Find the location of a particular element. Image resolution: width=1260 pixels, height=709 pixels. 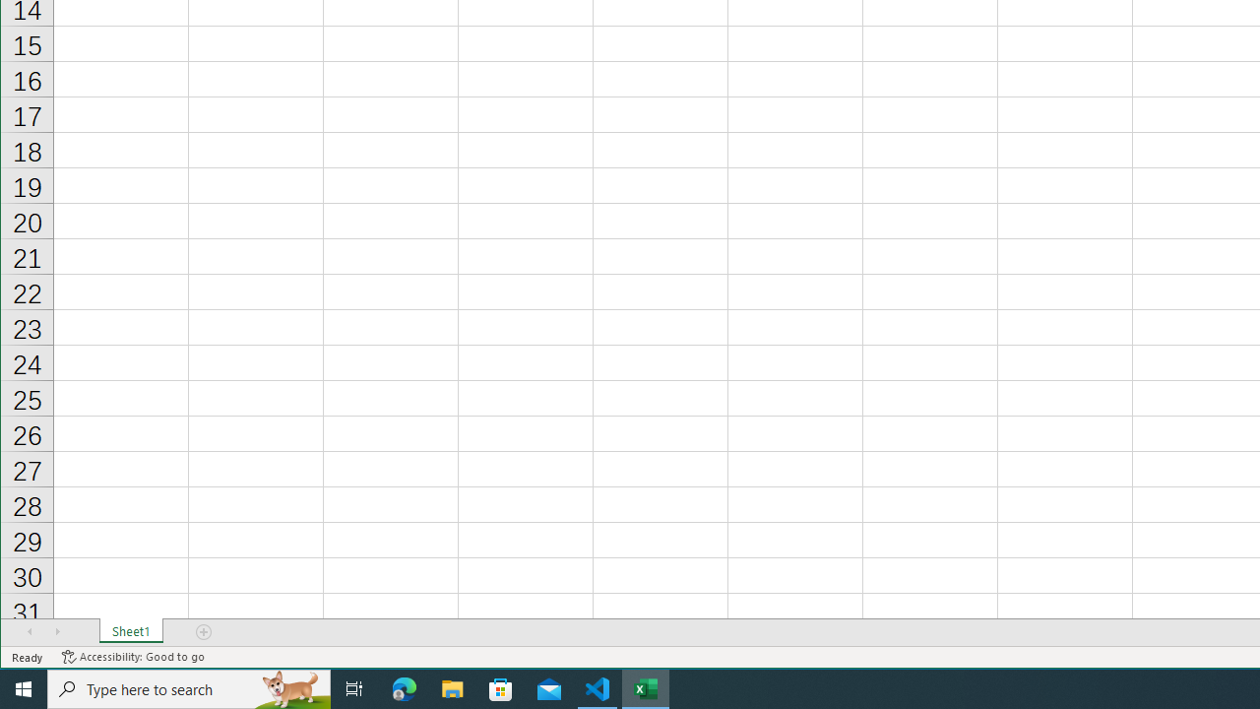

'Type here to search' is located at coordinates (189, 687).